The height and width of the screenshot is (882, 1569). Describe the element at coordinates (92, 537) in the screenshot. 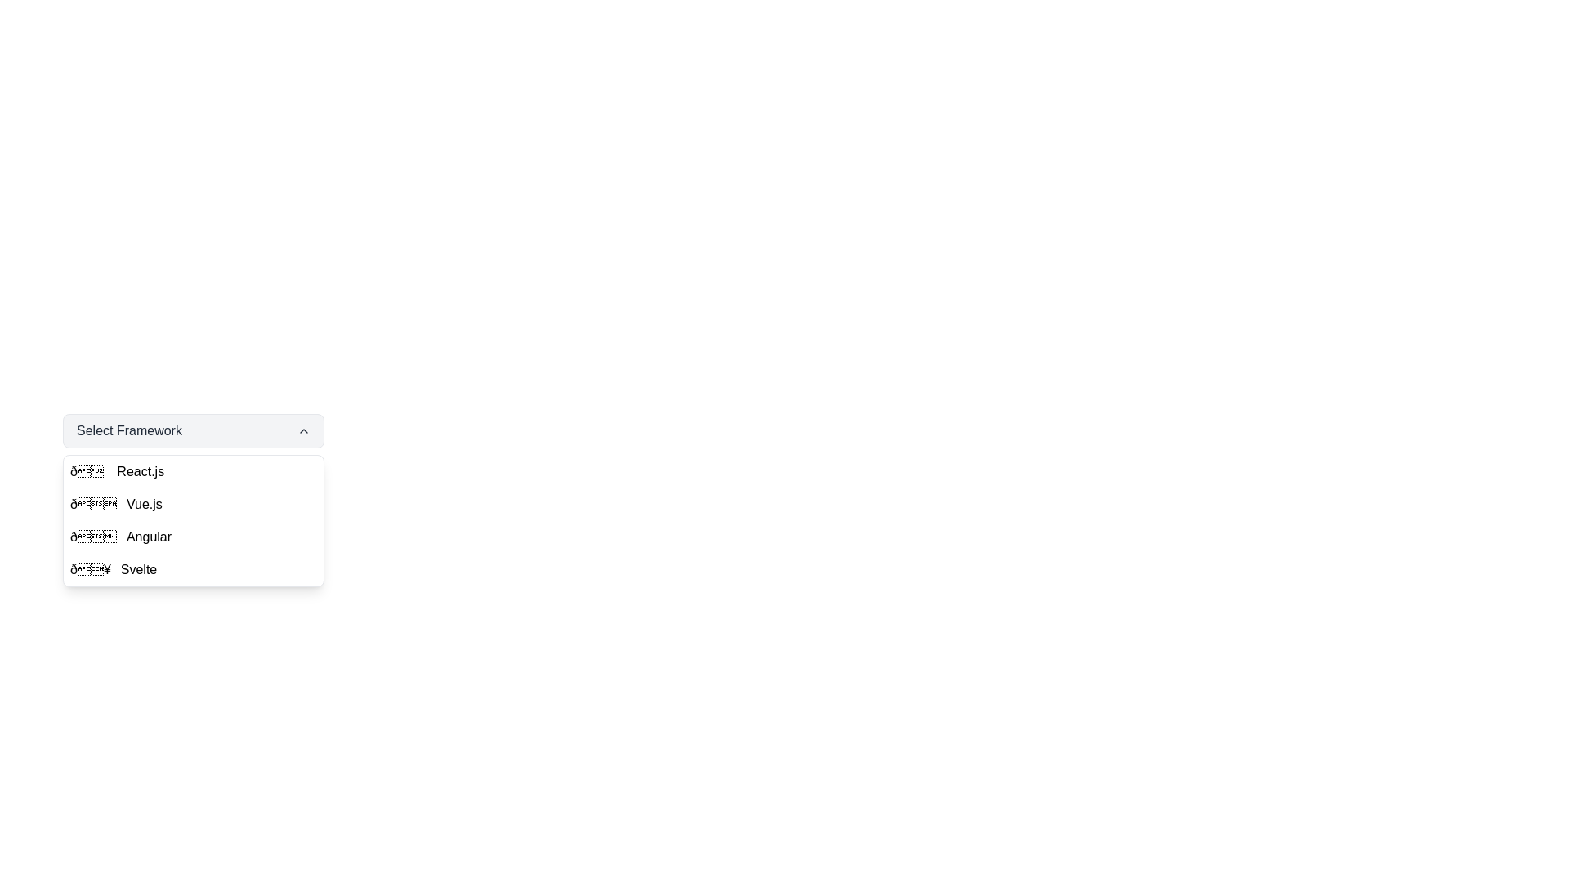

I see `the decorative icon located to the left of the 'Angular' menu item, which visually brands the option` at that location.